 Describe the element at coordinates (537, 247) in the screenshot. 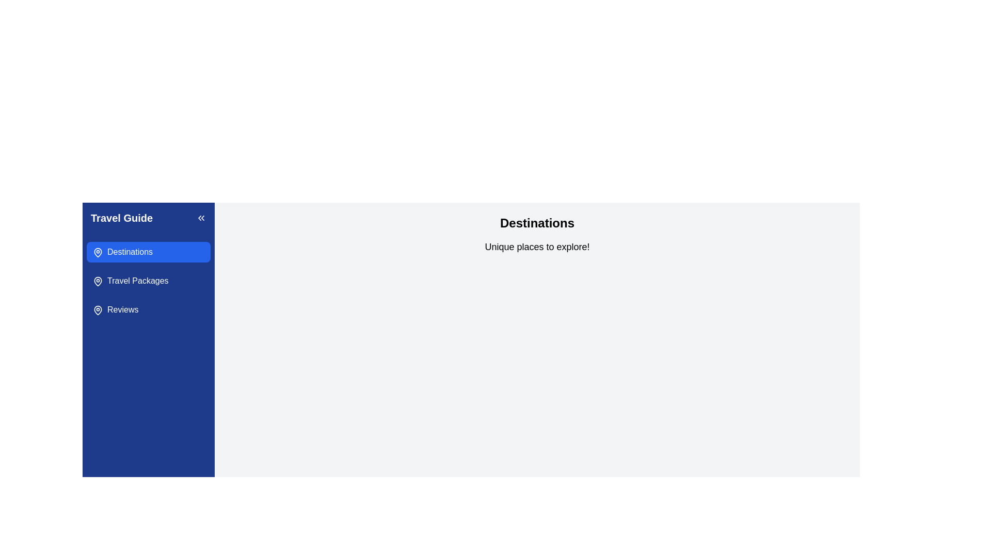

I see `the descriptive subtitle located directly below the 'Destinations' header in the main content area` at that location.